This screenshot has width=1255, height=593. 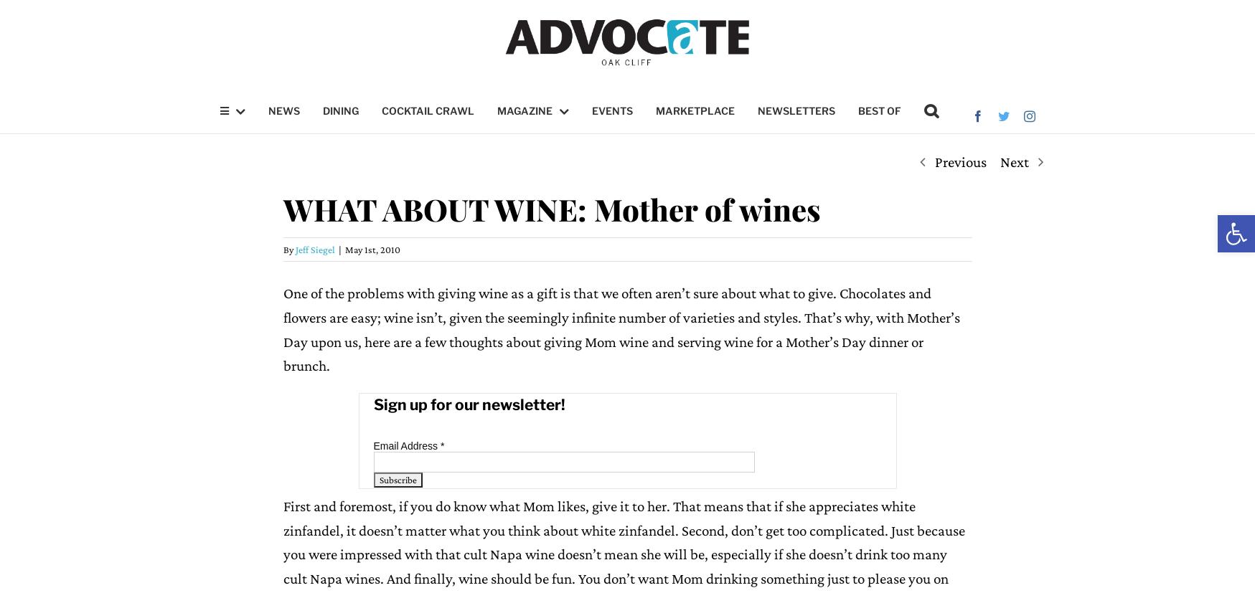 What do you see at coordinates (959, 161) in the screenshot?
I see `'Previous'` at bounding box center [959, 161].